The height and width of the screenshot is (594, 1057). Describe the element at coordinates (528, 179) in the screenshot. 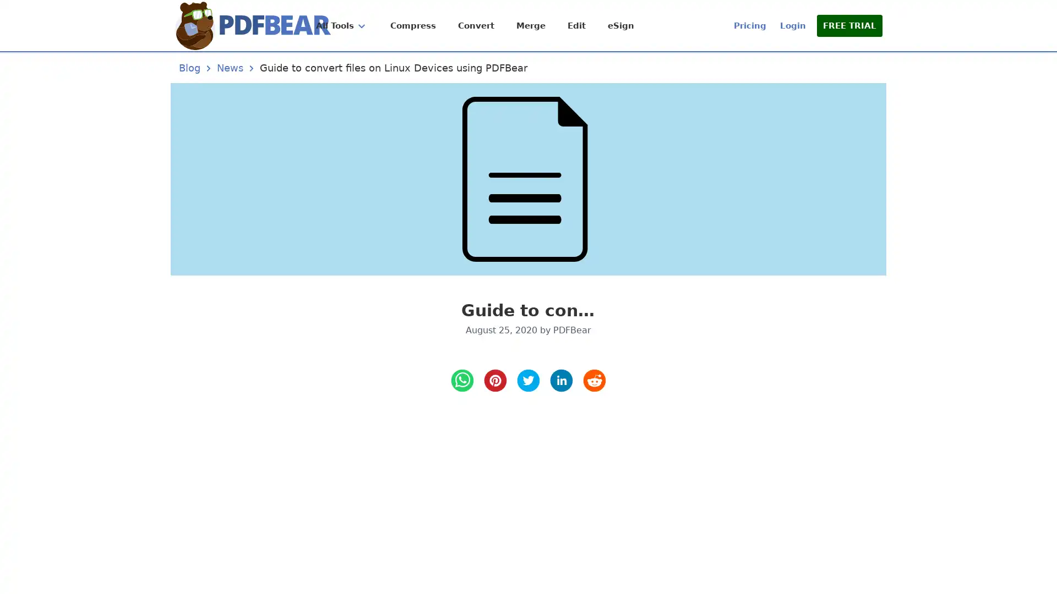

I see `Guide to convert files on Linux Devices using PDFBear` at that location.